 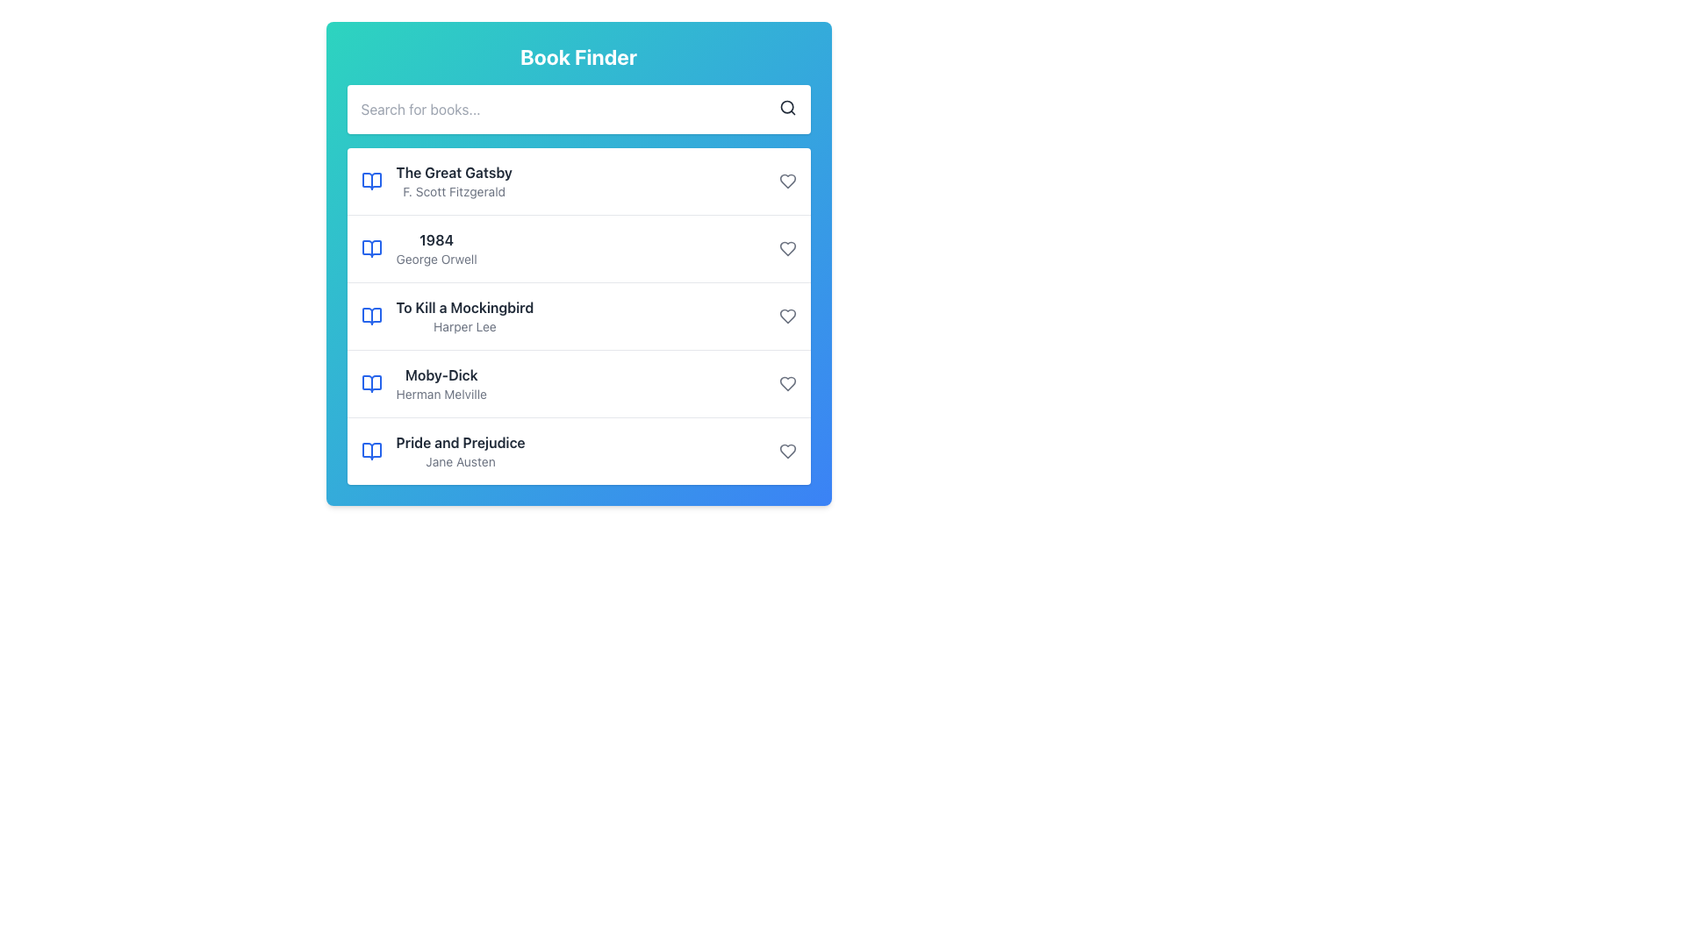 What do you see at coordinates (786, 182) in the screenshot?
I see `the heart icon button located at the far right of the first row in the 'Book Finder' panel, which contains the book title 'The Great Gatsby' and the author 'F. Scott Fitzgerald'` at bounding box center [786, 182].